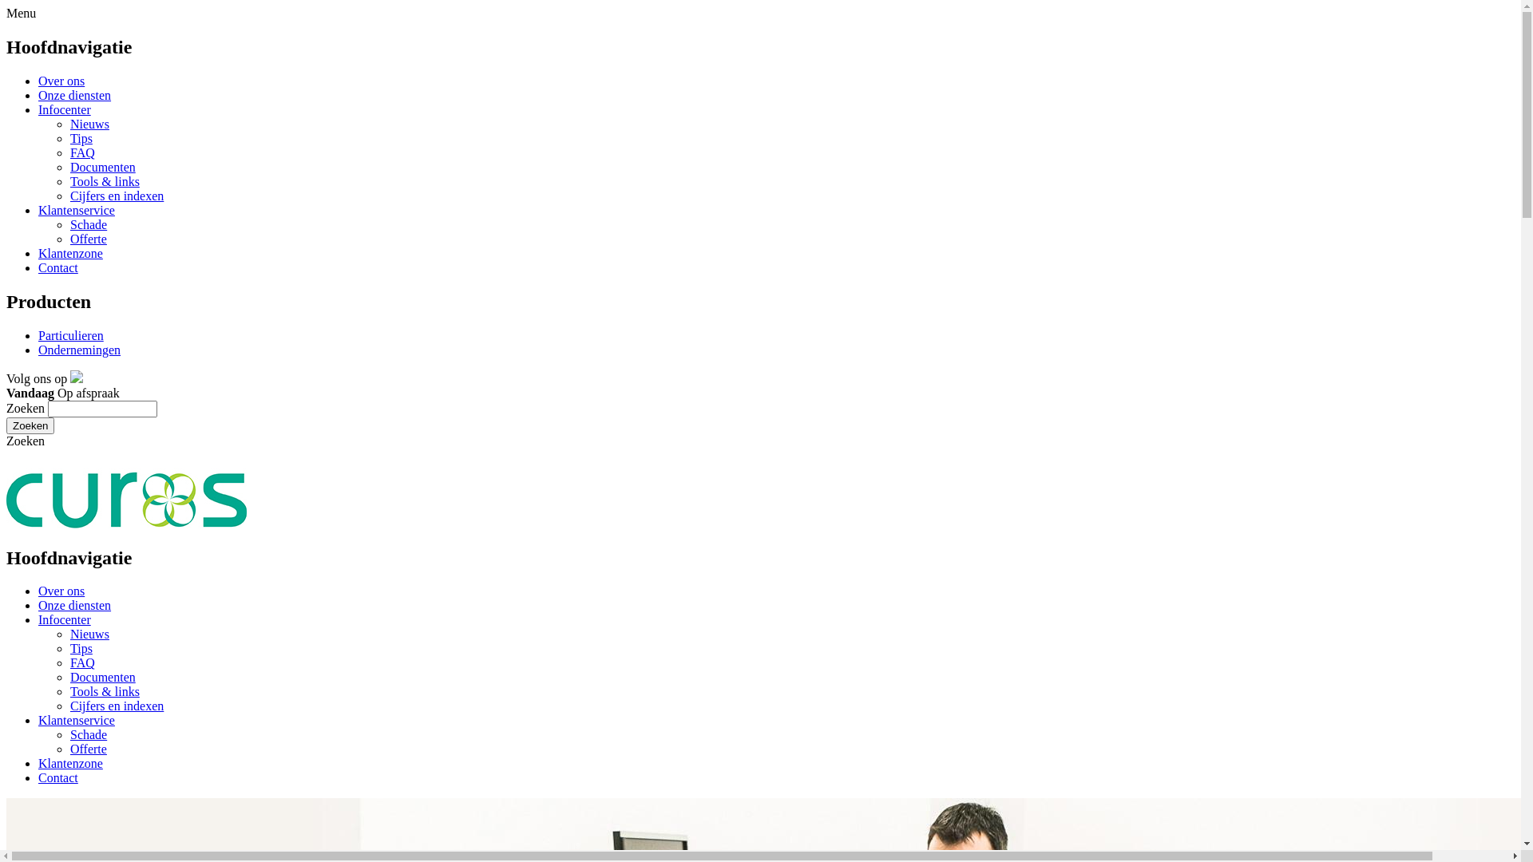 Image resolution: width=1533 pixels, height=862 pixels. Describe the element at coordinates (30, 425) in the screenshot. I see `'Zoeken'` at that location.